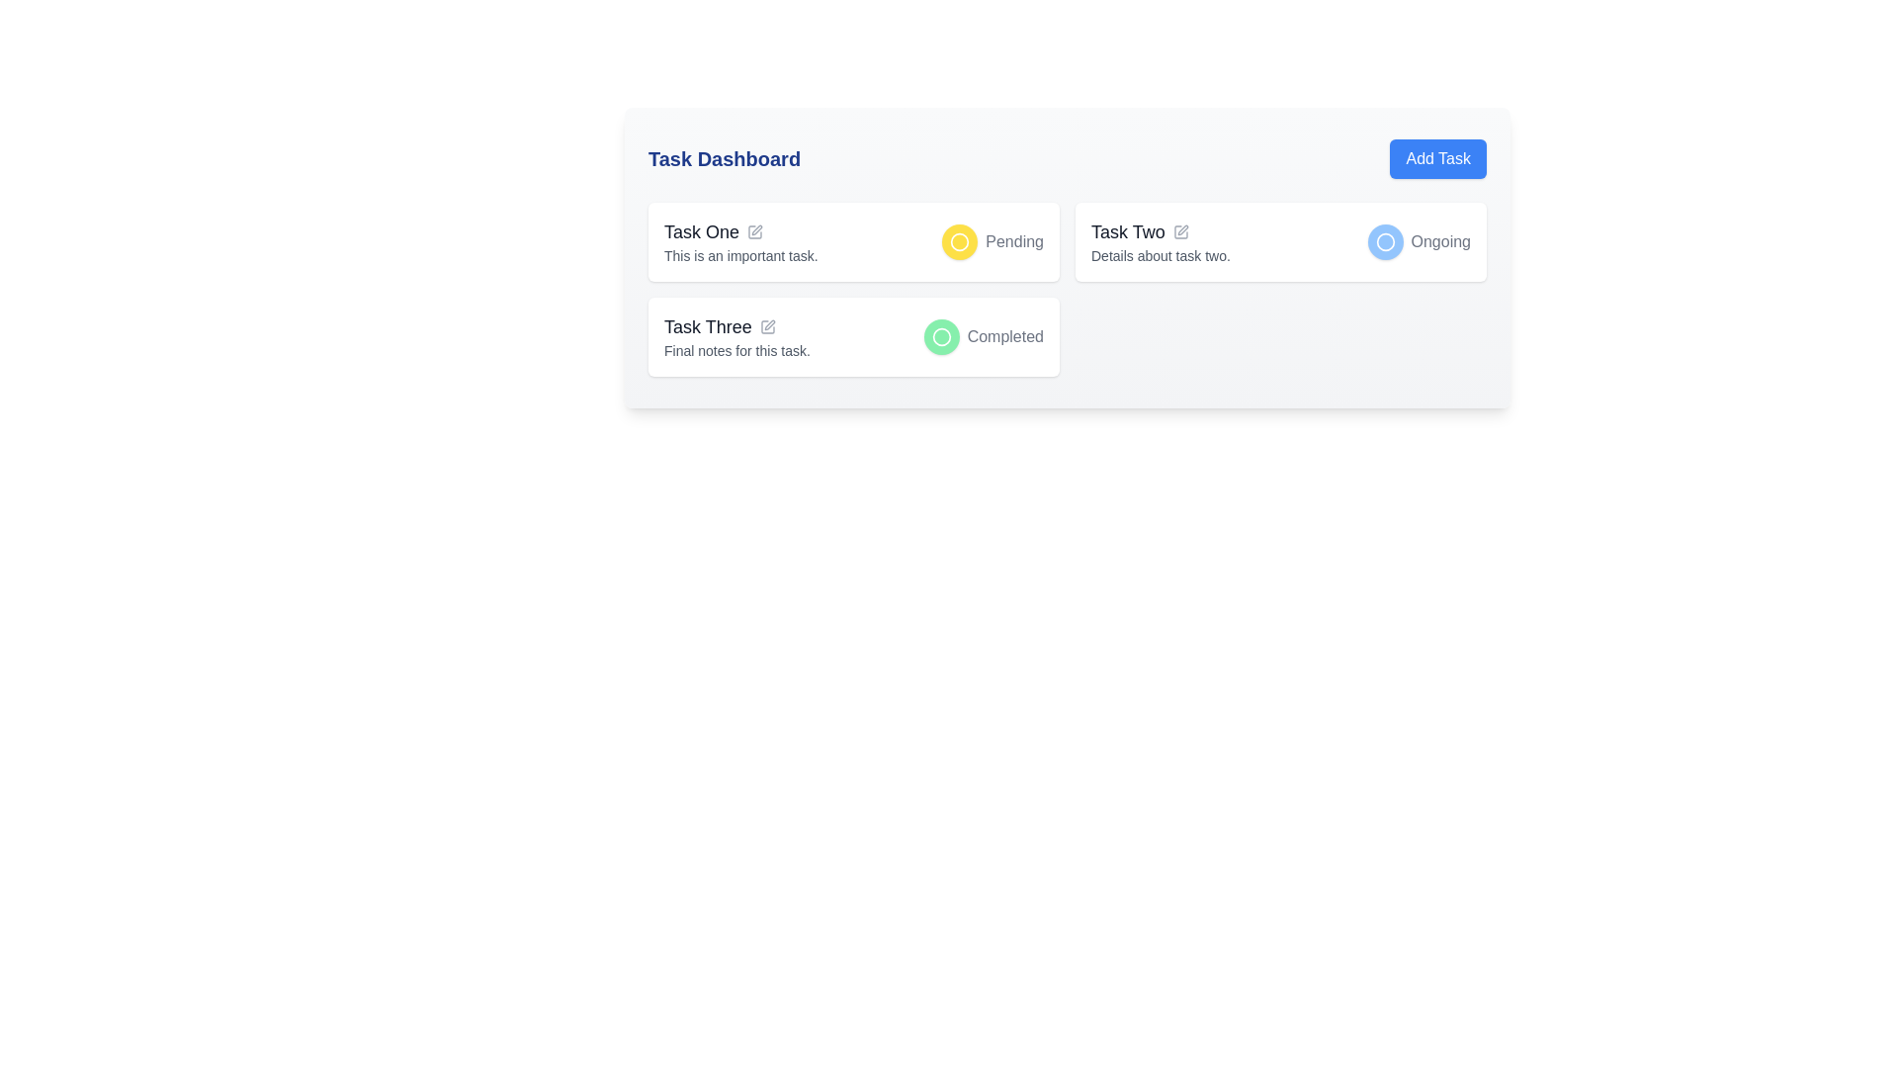  I want to click on the 'Pending' status icon for 'Task One' located in the first row of the task list on the Task Dashboard, so click(960, 241).